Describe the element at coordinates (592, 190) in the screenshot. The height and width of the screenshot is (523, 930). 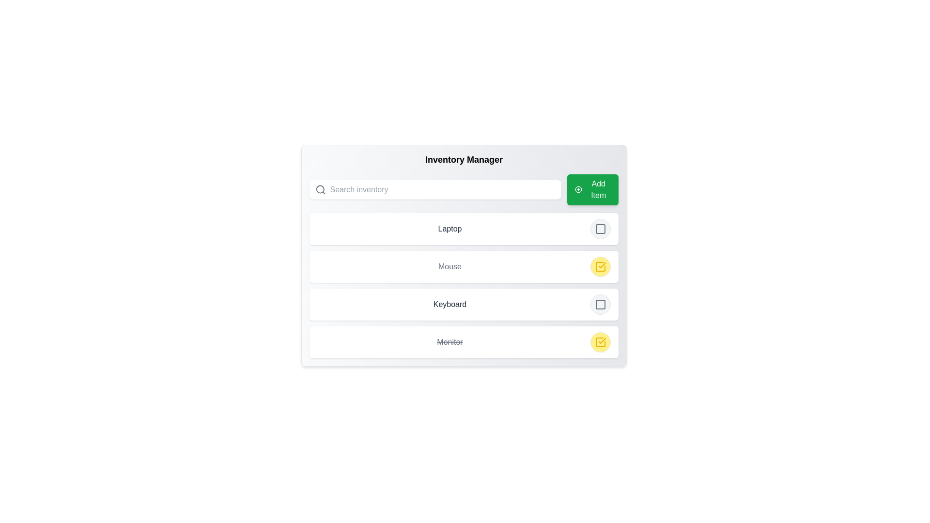
I see `the 'Add New Item' button located at the far right of the inventory bar` at that location.